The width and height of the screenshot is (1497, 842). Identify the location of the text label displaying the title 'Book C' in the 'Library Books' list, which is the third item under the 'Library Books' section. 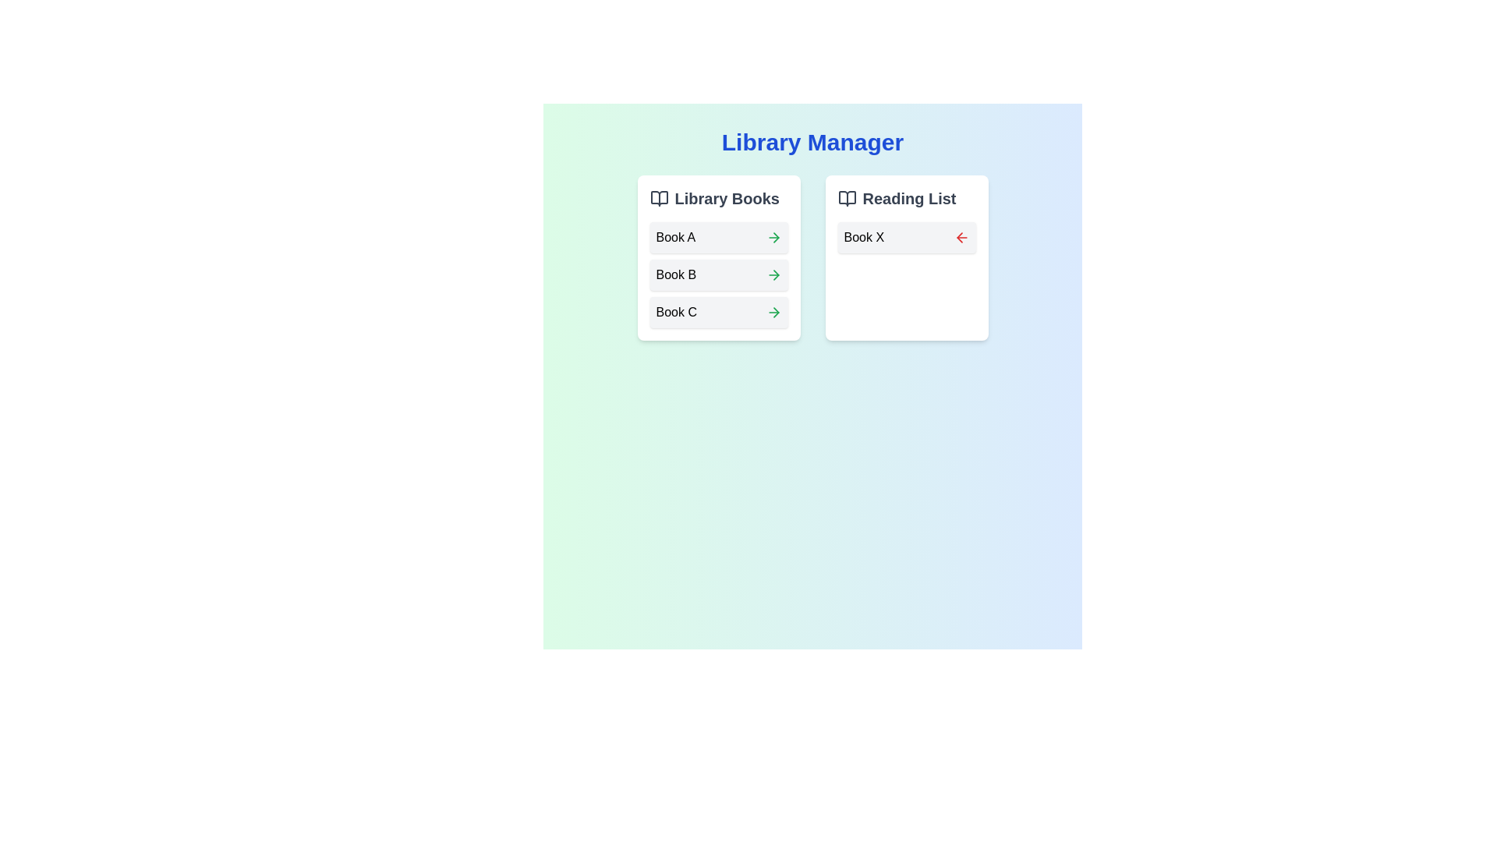
(676, 313).